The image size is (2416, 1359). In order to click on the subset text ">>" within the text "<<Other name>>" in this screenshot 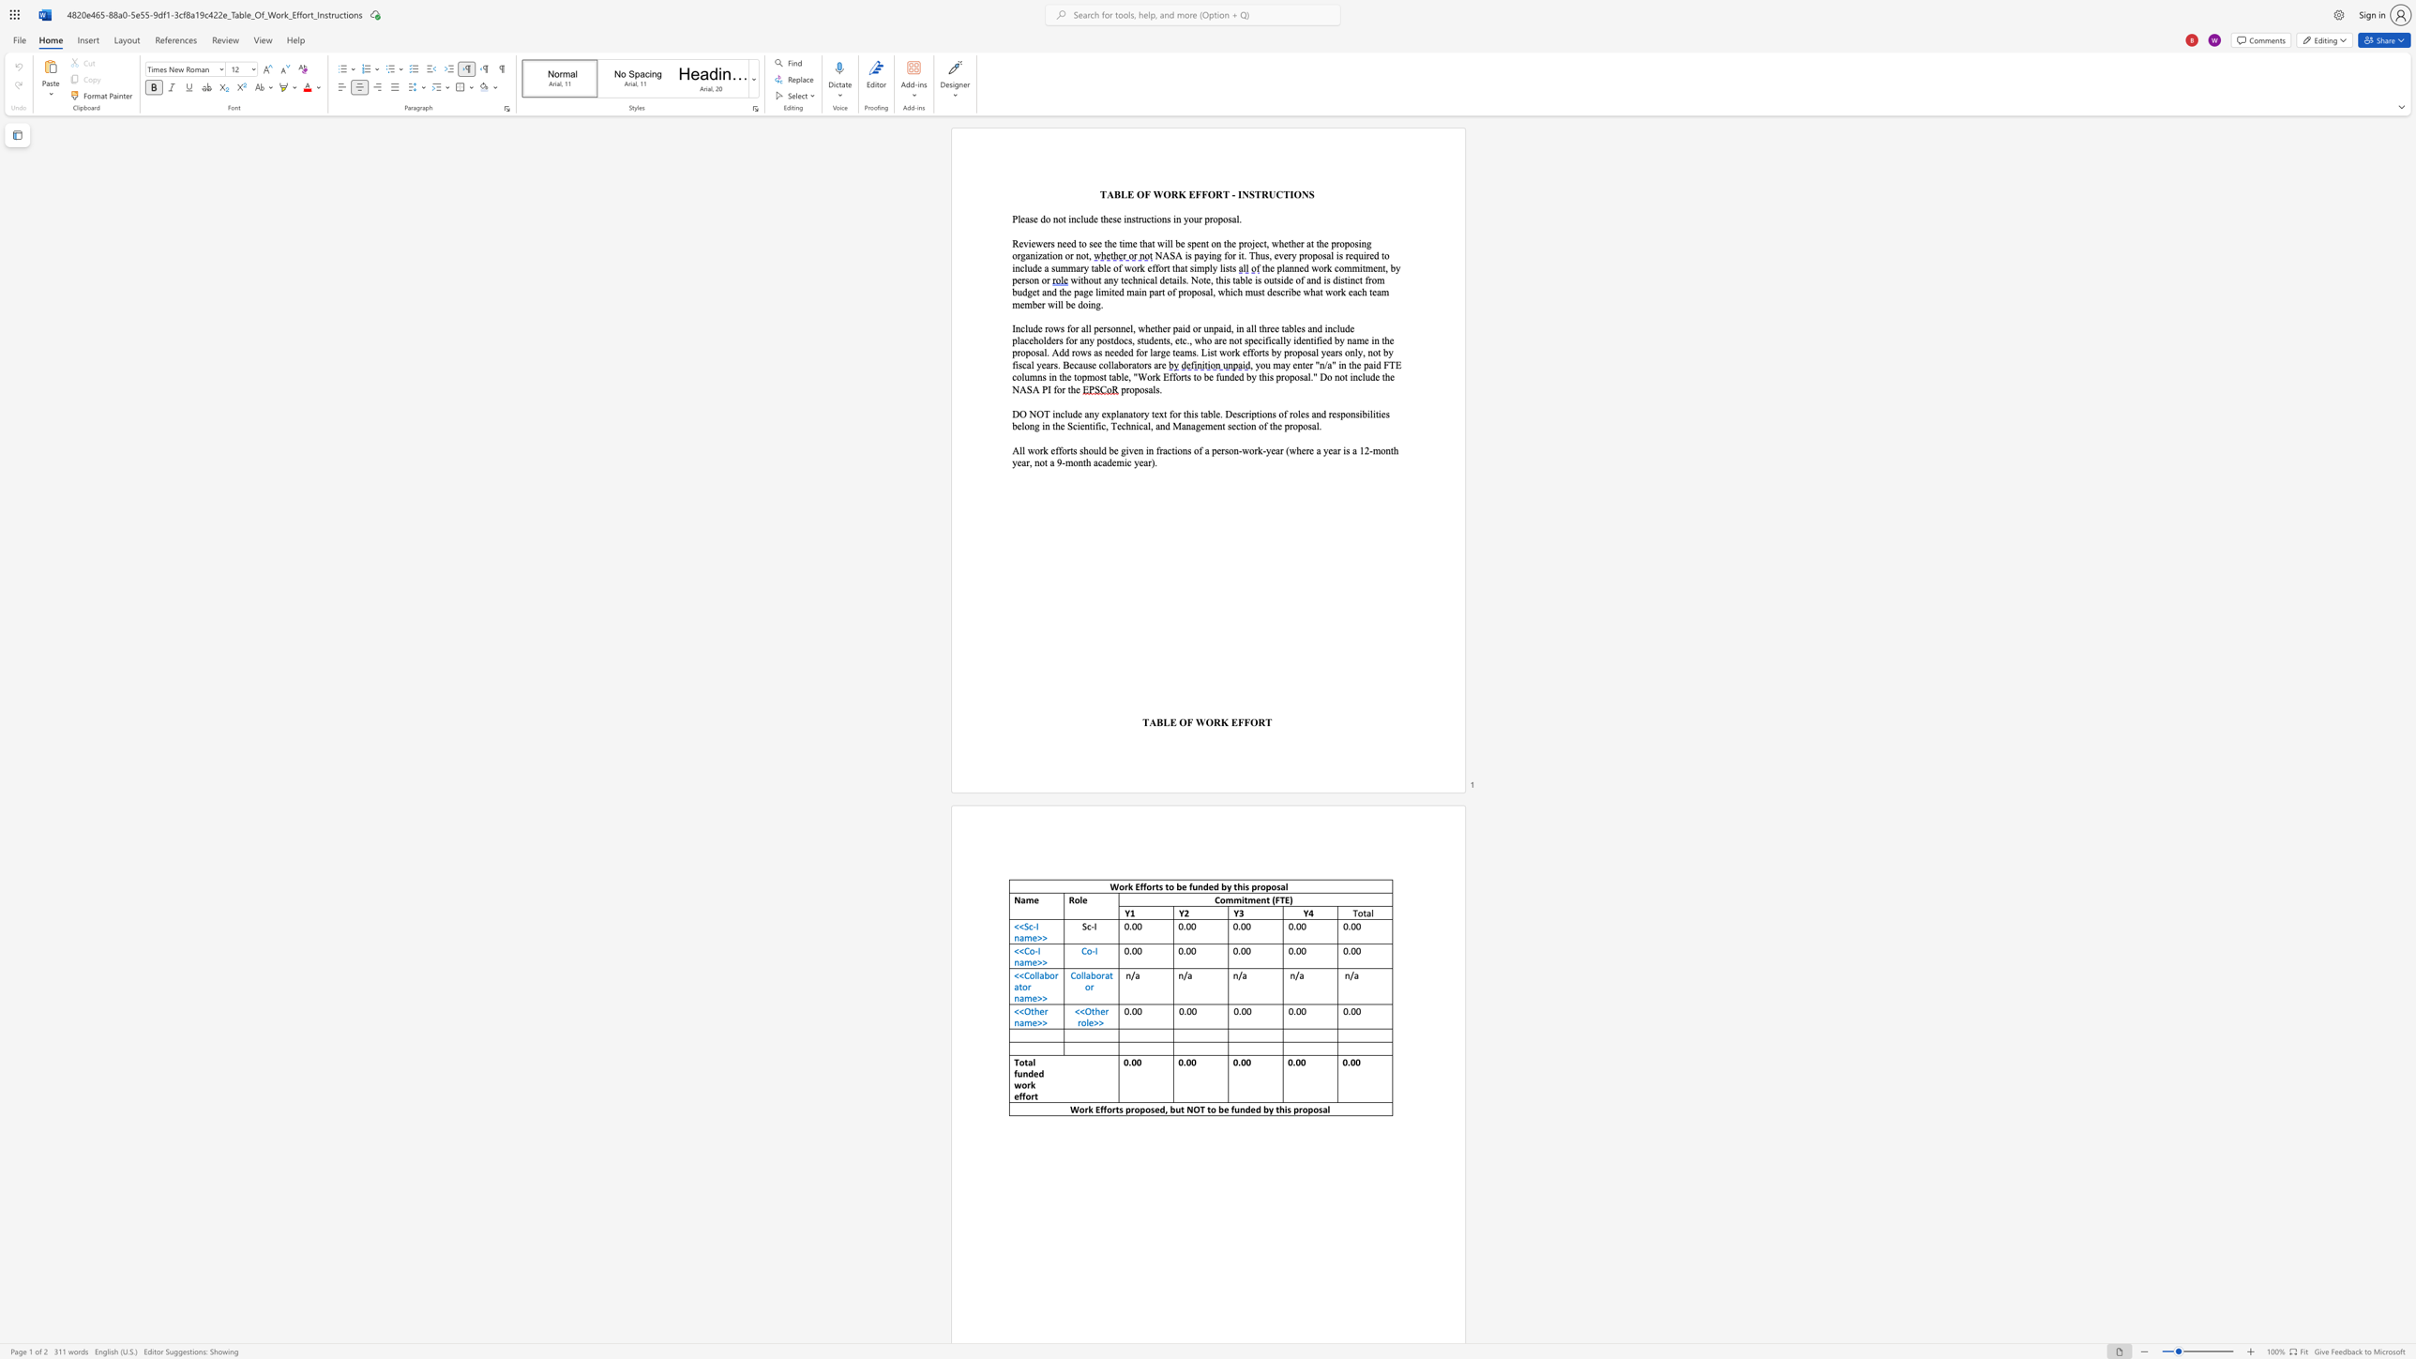, I will do `click(1037, 1021)`.